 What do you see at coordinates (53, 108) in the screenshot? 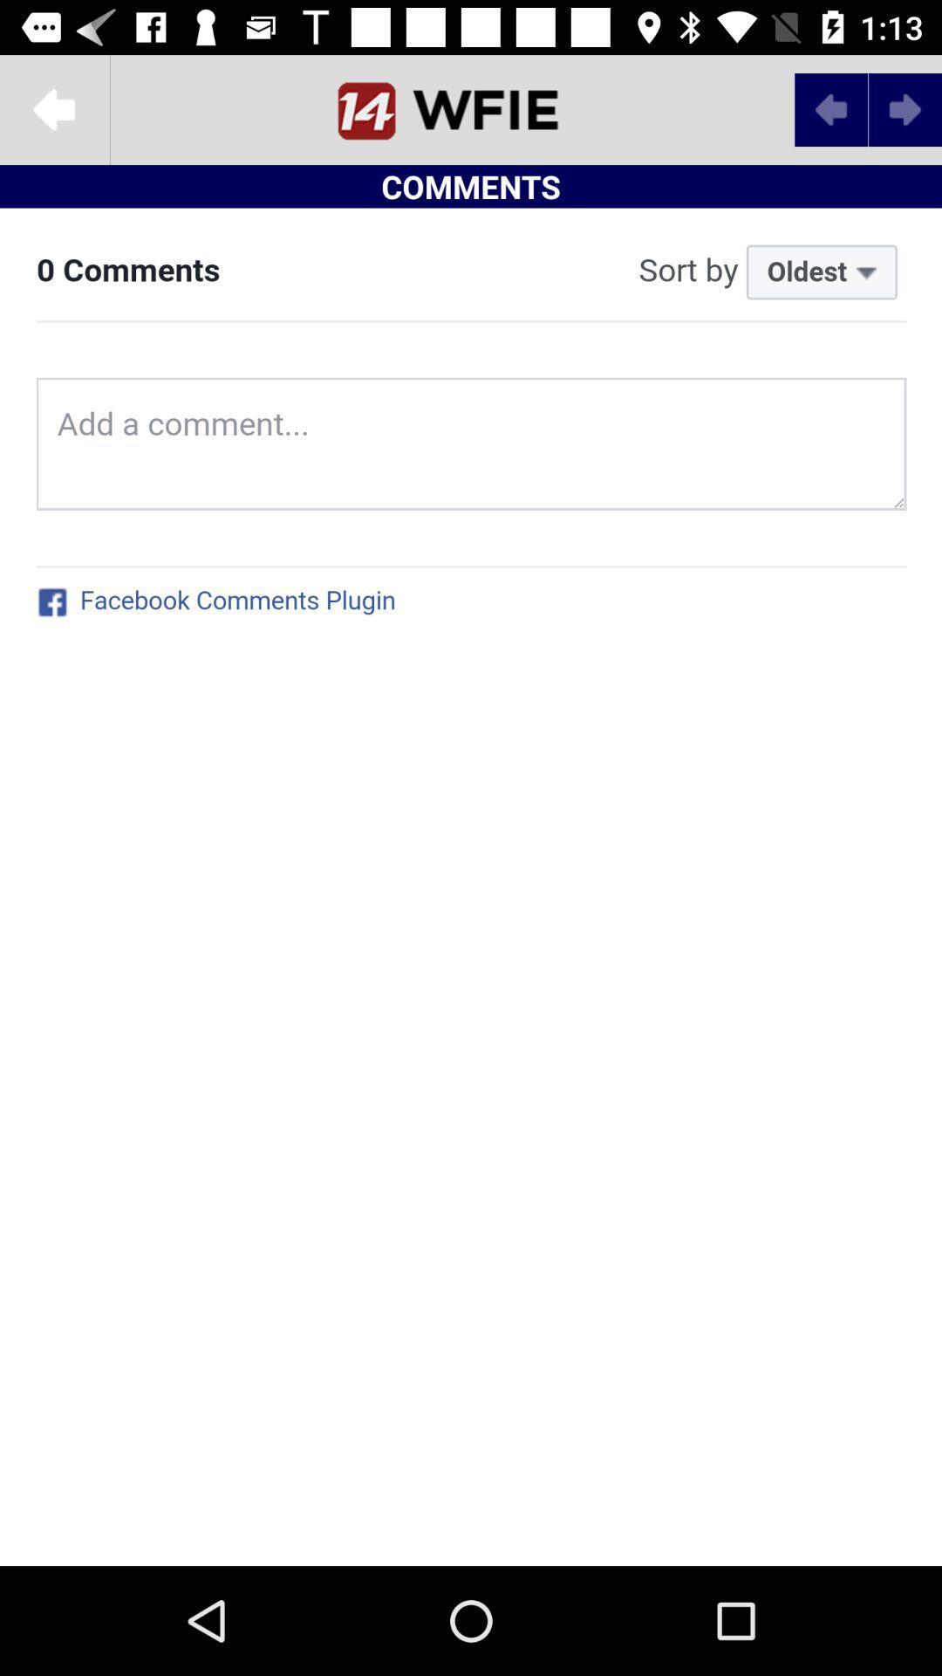
I see `go back` at bounding box center [53, 108].